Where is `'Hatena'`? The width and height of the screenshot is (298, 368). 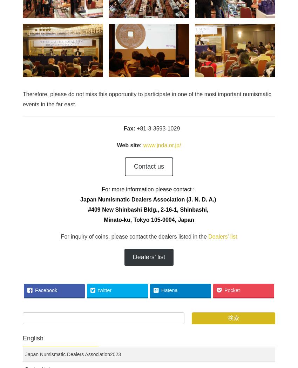 'Hatena' is located at coordinates (169, 290).